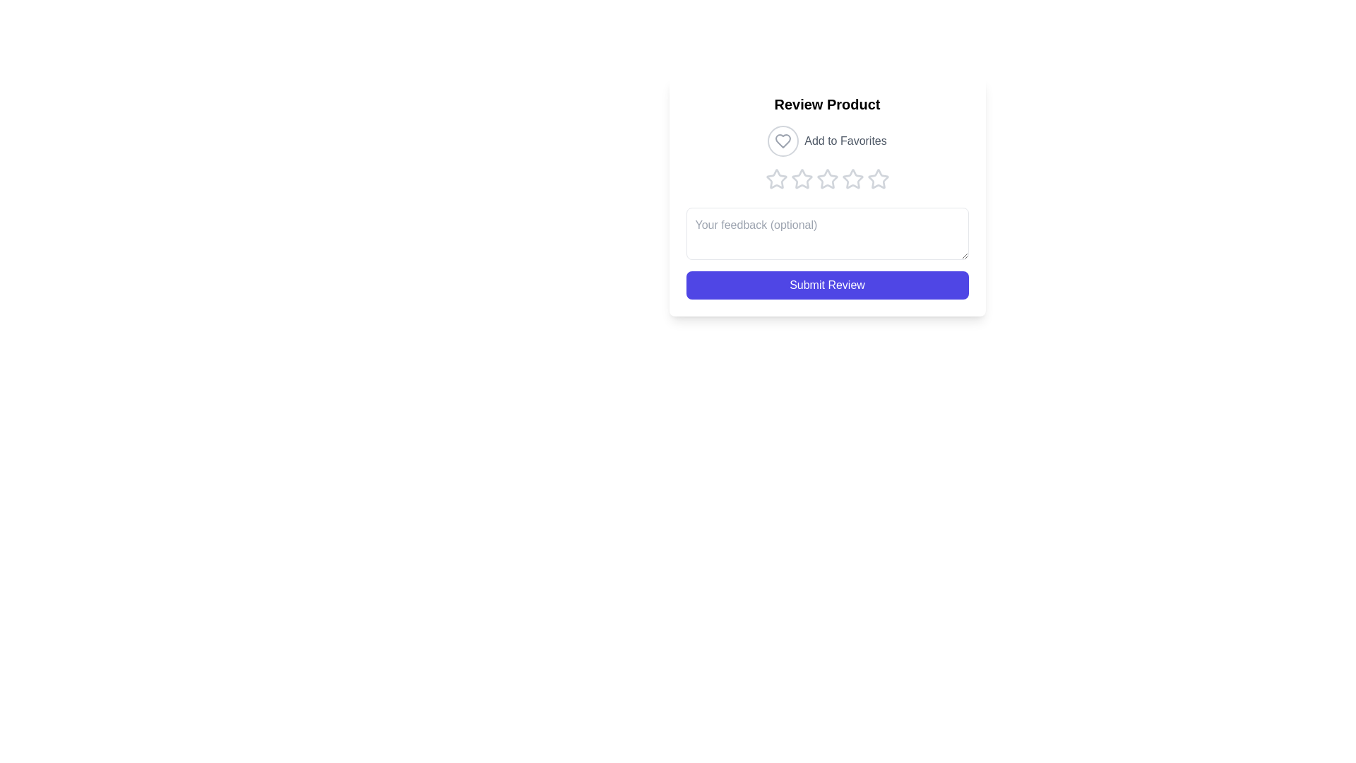  I want to click on the 'Submit Review' button, which has rounded corners and a purple background, so click(827, 285).